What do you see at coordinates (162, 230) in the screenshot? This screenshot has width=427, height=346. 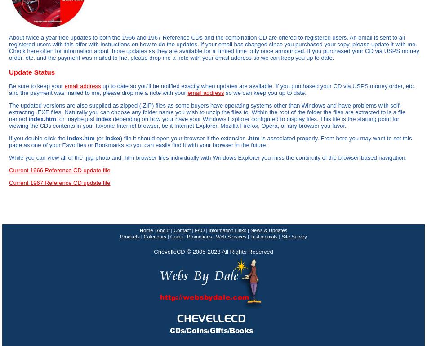 I see `'About'` at bounding box center [162, 230].